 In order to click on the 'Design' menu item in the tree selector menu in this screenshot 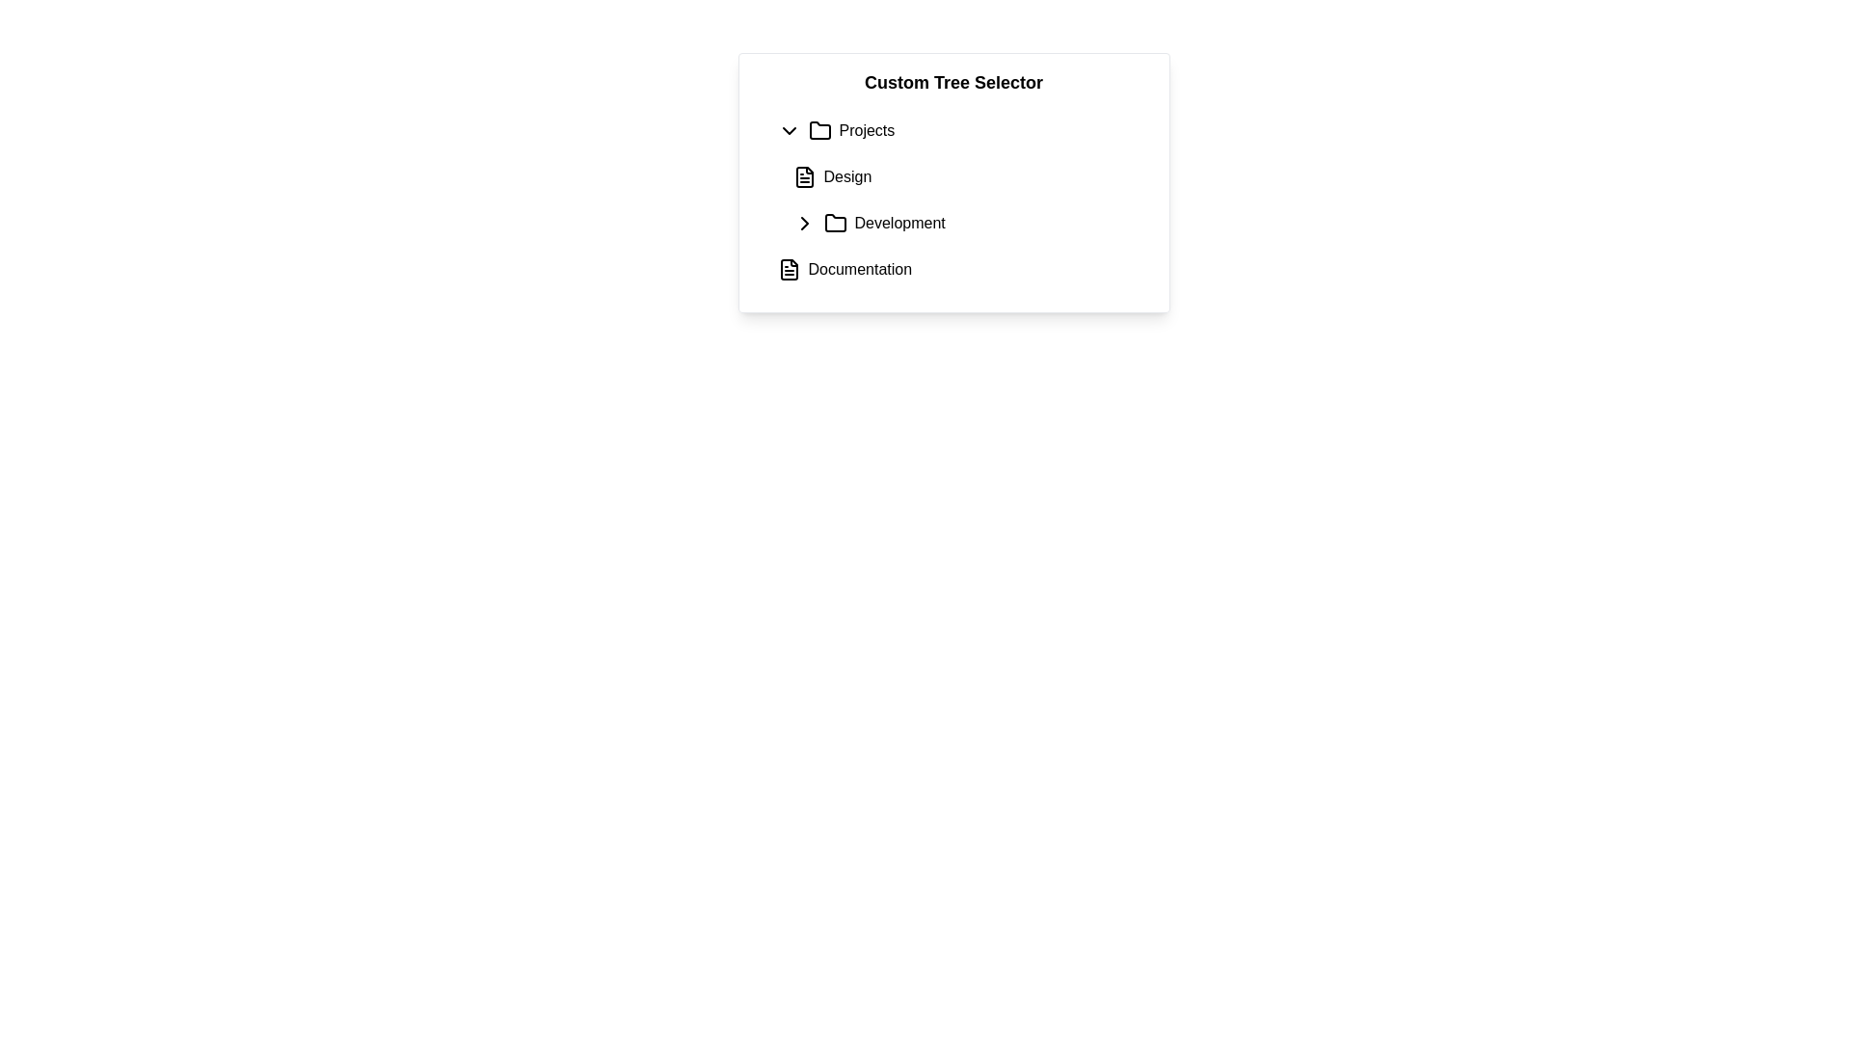, I will do `click(846, 177)`.